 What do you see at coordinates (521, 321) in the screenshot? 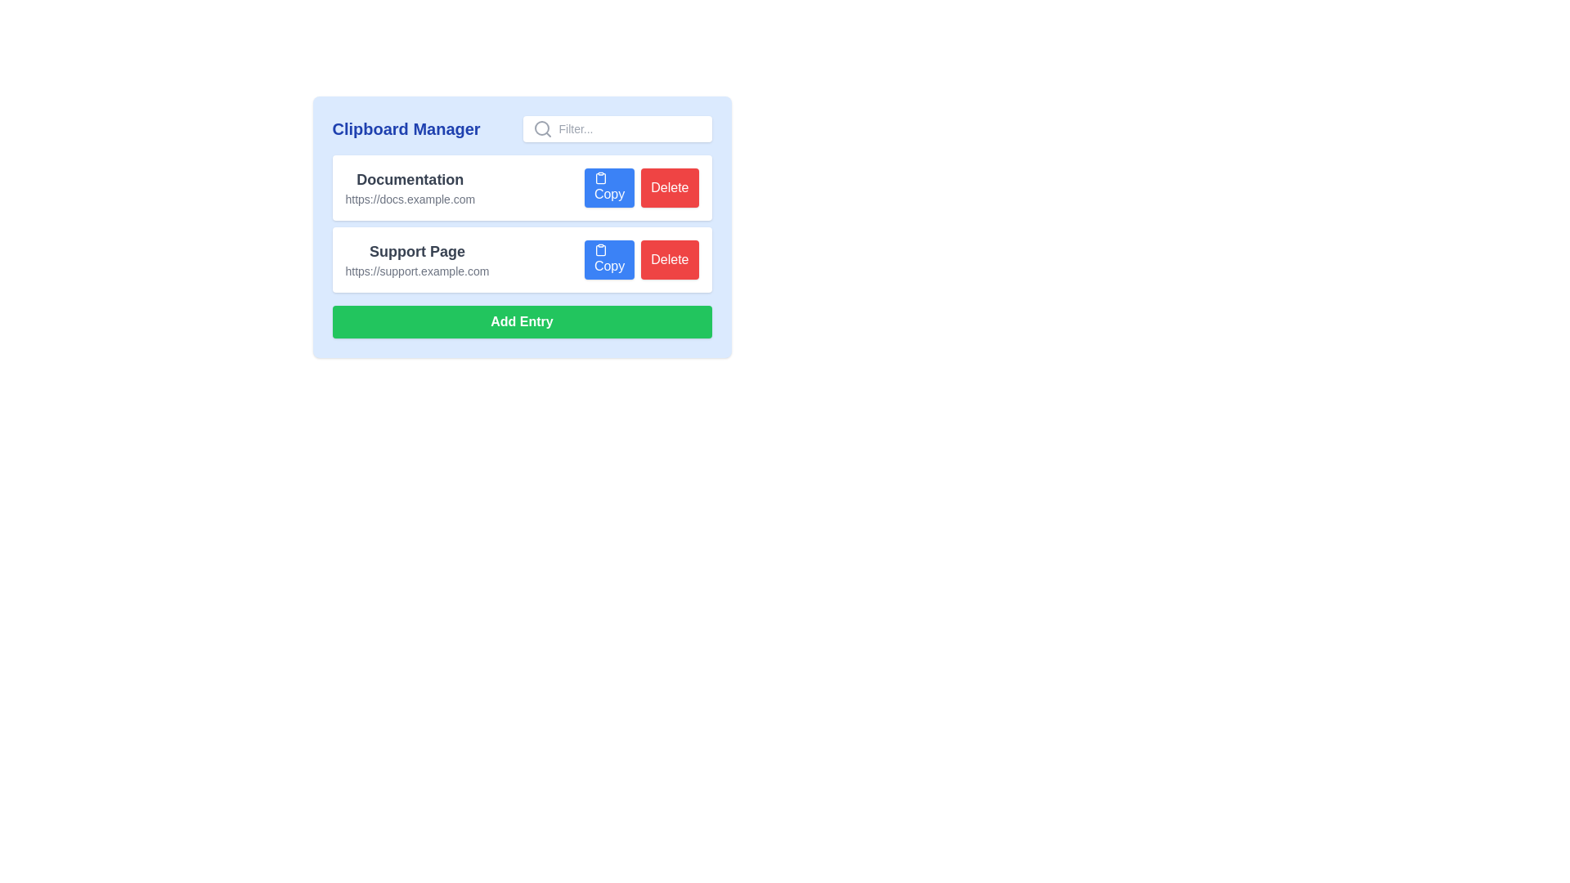
I see `the green 'Add Entry' button with white bold text located at the bottom of the content card` at bounding box center [521, 321].